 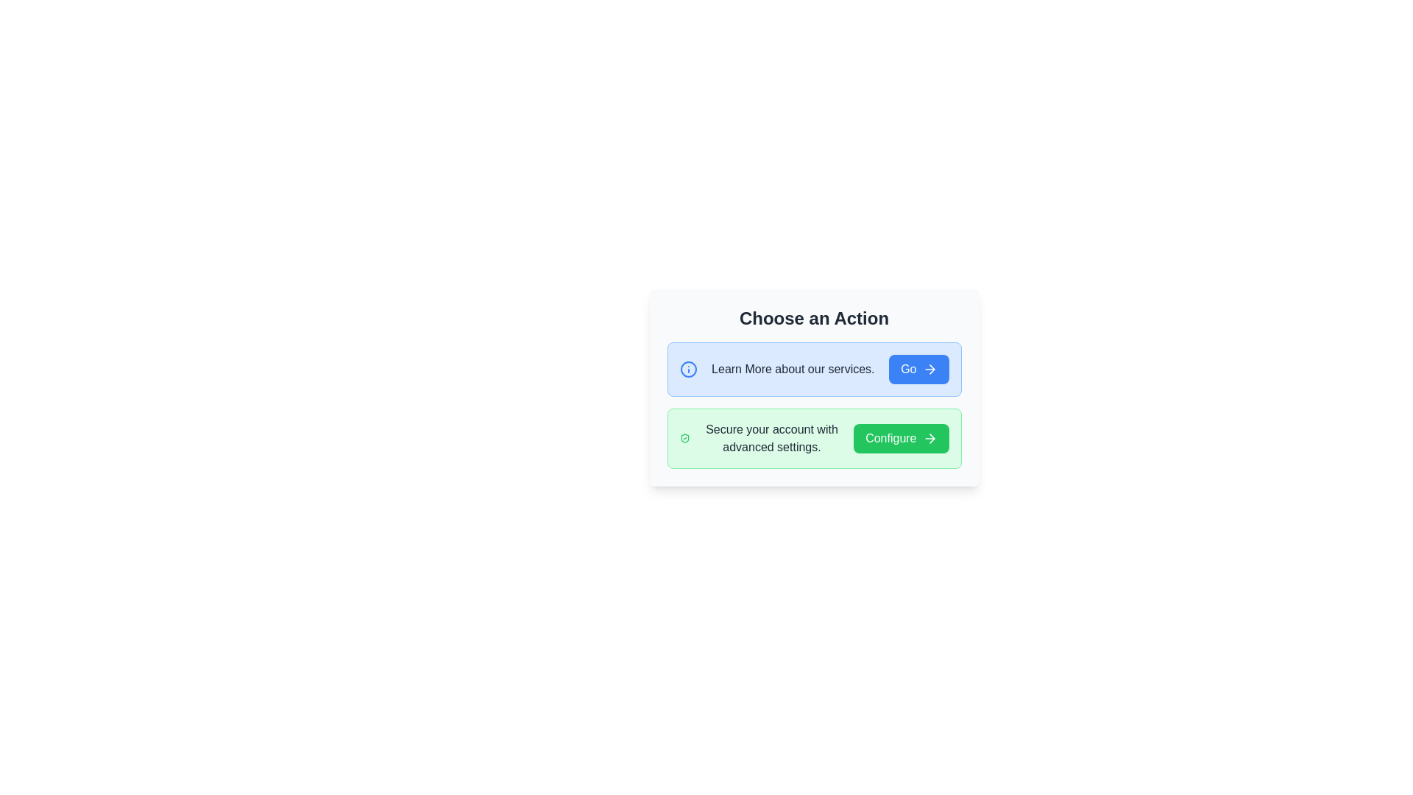 I want to click on the informational text label located in the green section beneath the title 'Choose an Action', positioned to the left of the 'Configure' button and next to the shield icon, so click(x=771, y=438).